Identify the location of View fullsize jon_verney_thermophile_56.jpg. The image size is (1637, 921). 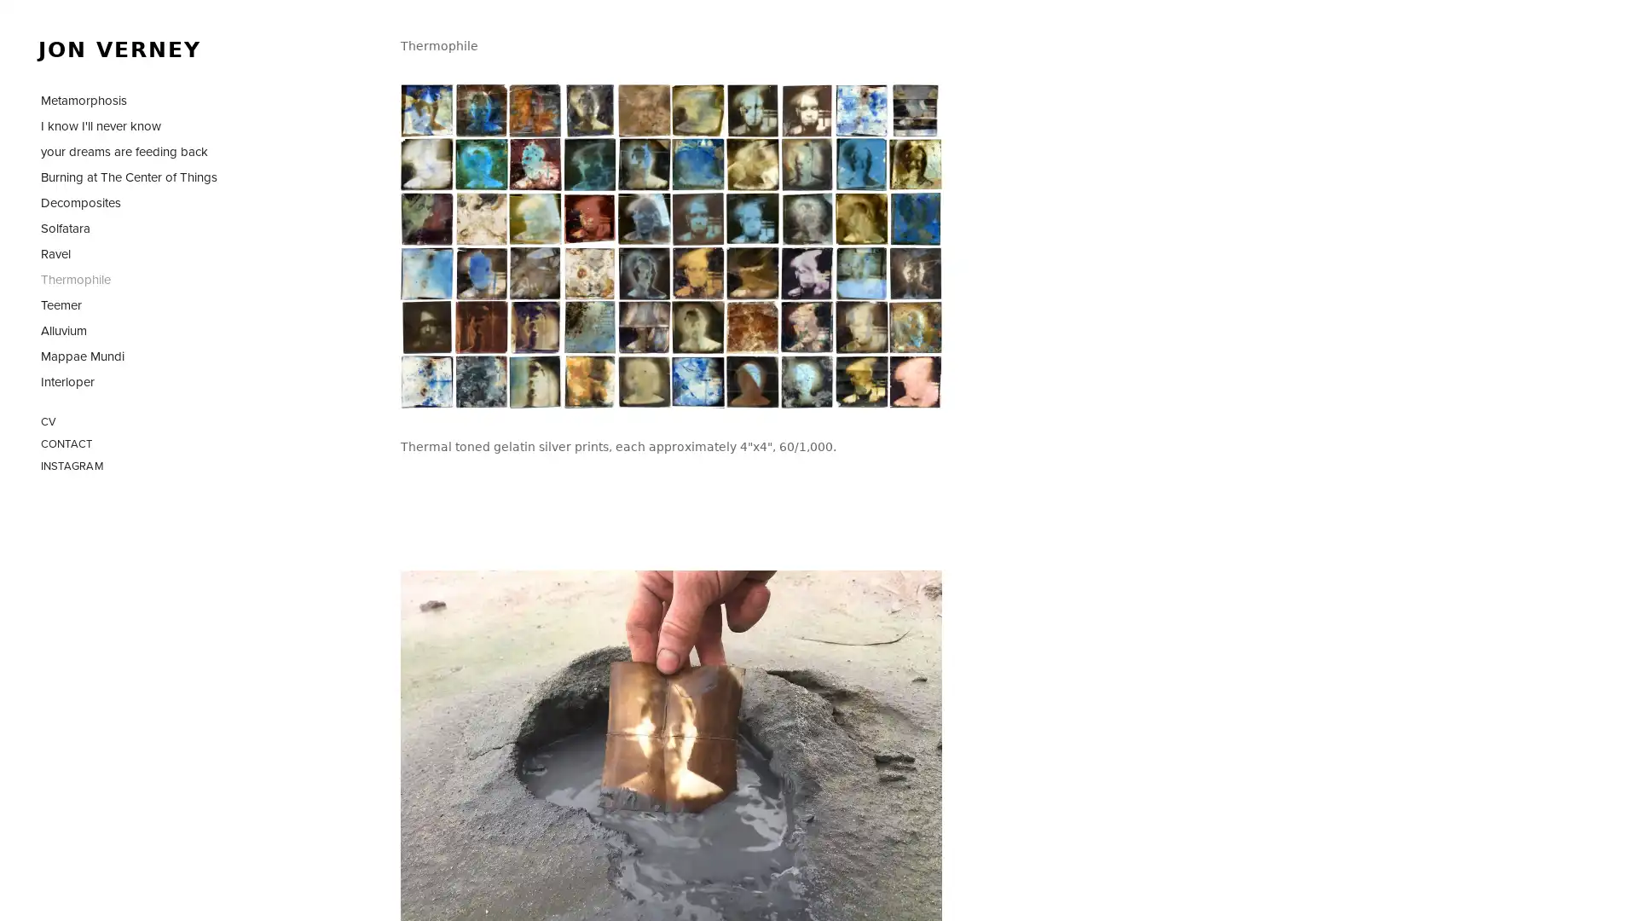
(860, 109).